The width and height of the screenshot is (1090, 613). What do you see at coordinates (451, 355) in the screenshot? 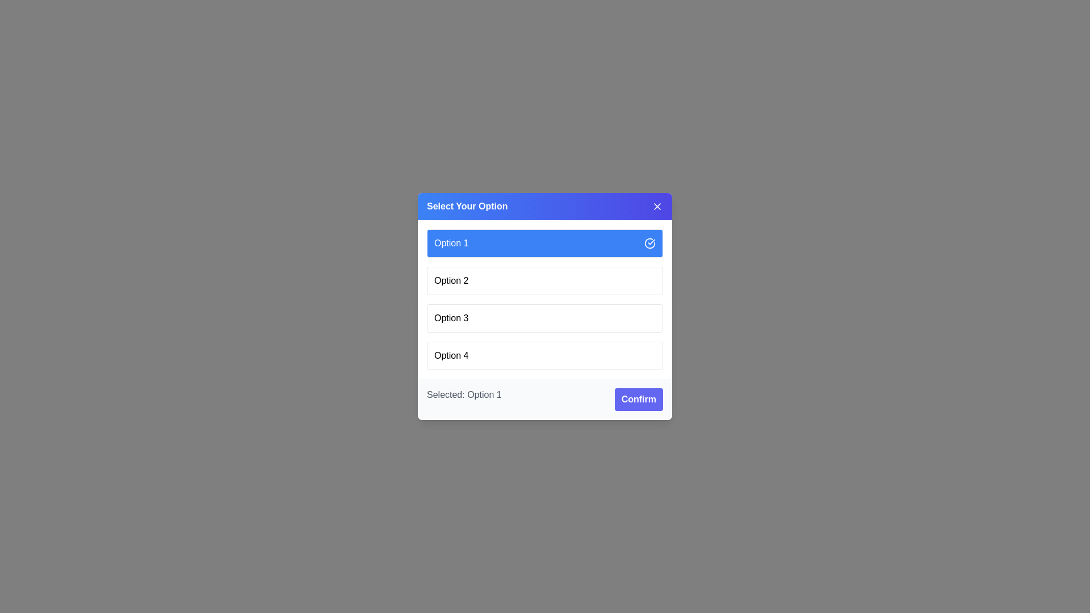
I see `the text label labeled 'Option 4'` at bounding box center [451, 355].